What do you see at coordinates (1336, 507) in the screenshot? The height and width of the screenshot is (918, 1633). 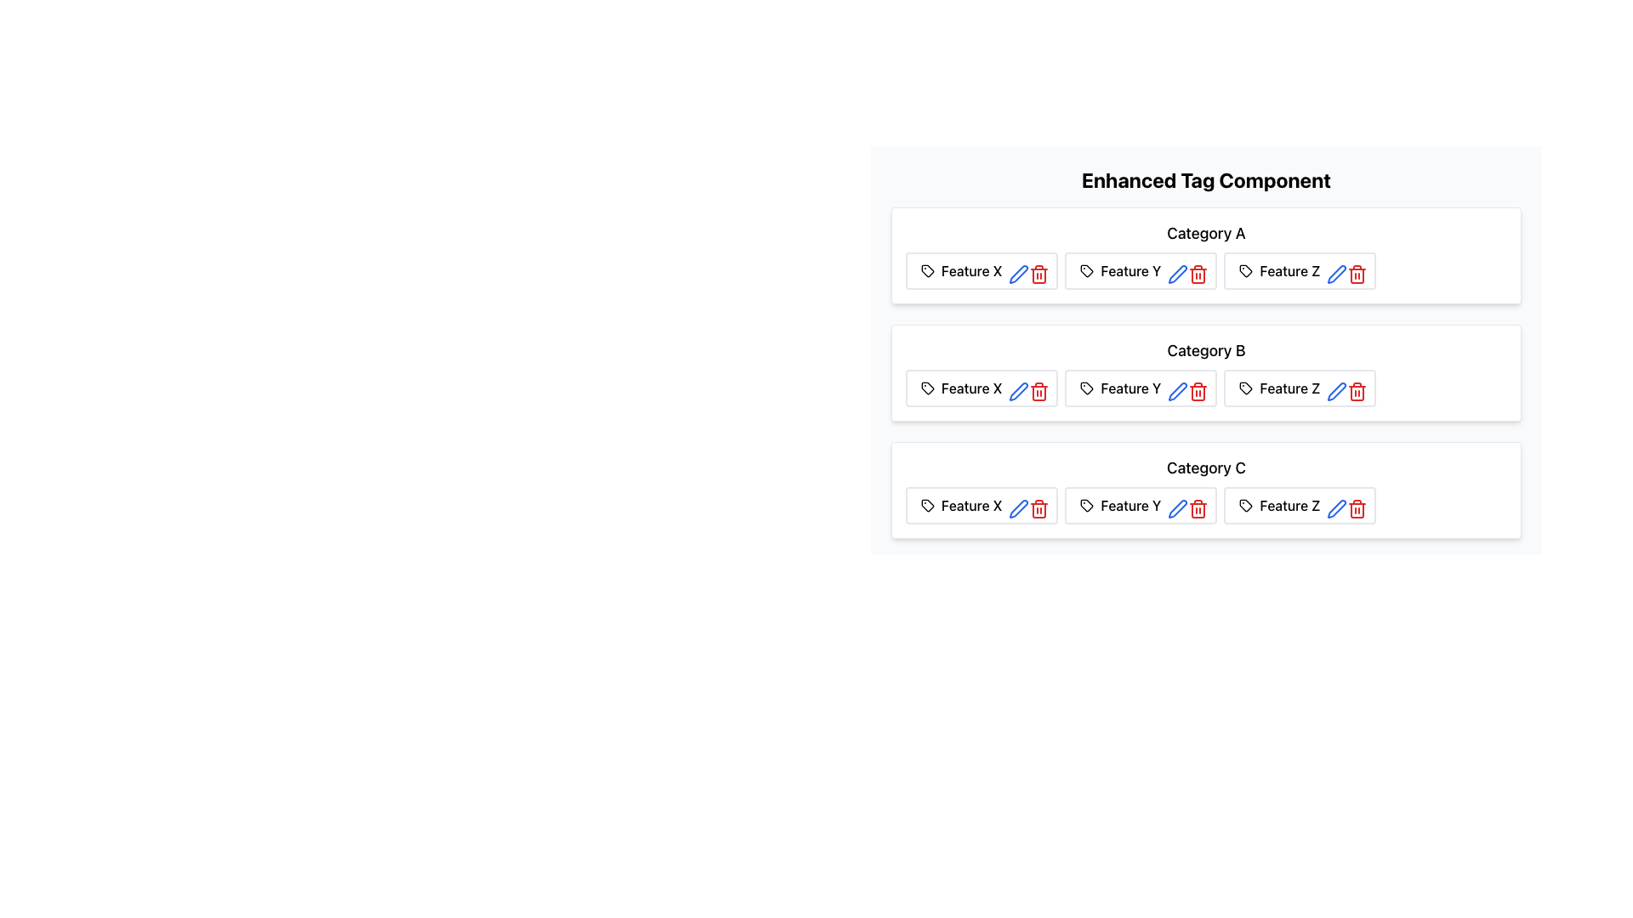 I see `the edit button located next to the tag labeled 'Feature Z' under the 'Category B' section to initiate the edit functionality` at bounding box center [1336, 507].